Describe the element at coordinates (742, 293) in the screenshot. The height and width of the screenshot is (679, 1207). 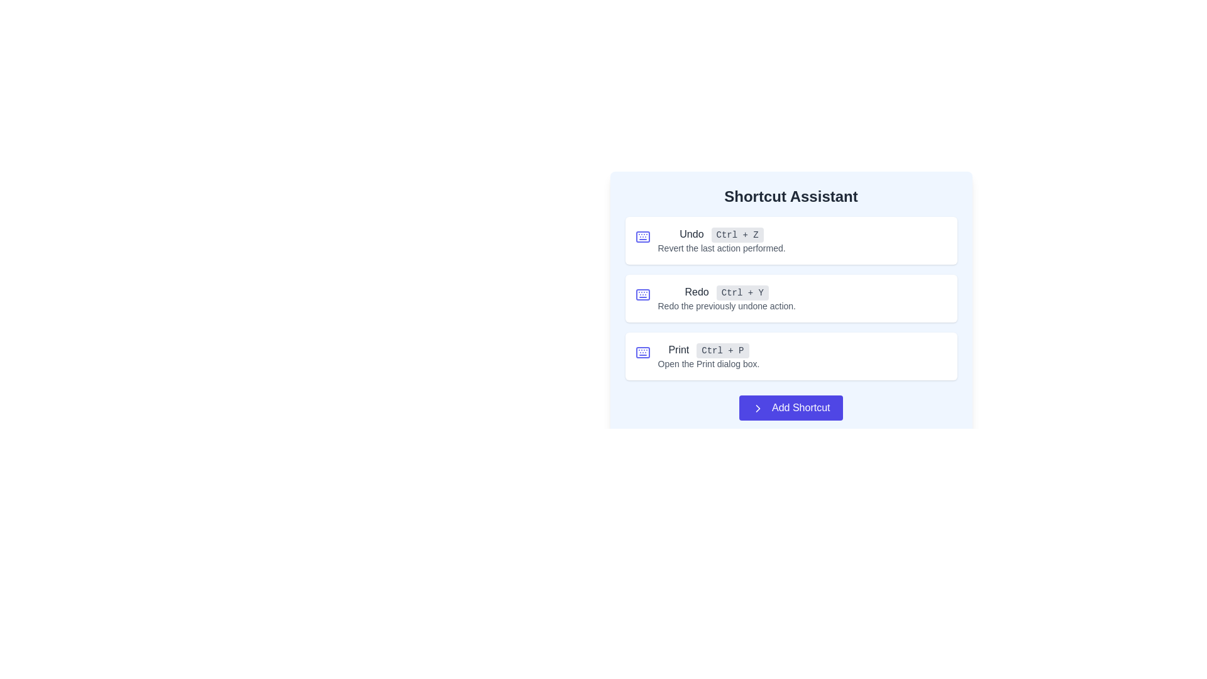
I see `the 'Redo' action button which visually represents the keyboard shortcut 'Ctrl + Y' located in the second row of the shortcut list` at that location.